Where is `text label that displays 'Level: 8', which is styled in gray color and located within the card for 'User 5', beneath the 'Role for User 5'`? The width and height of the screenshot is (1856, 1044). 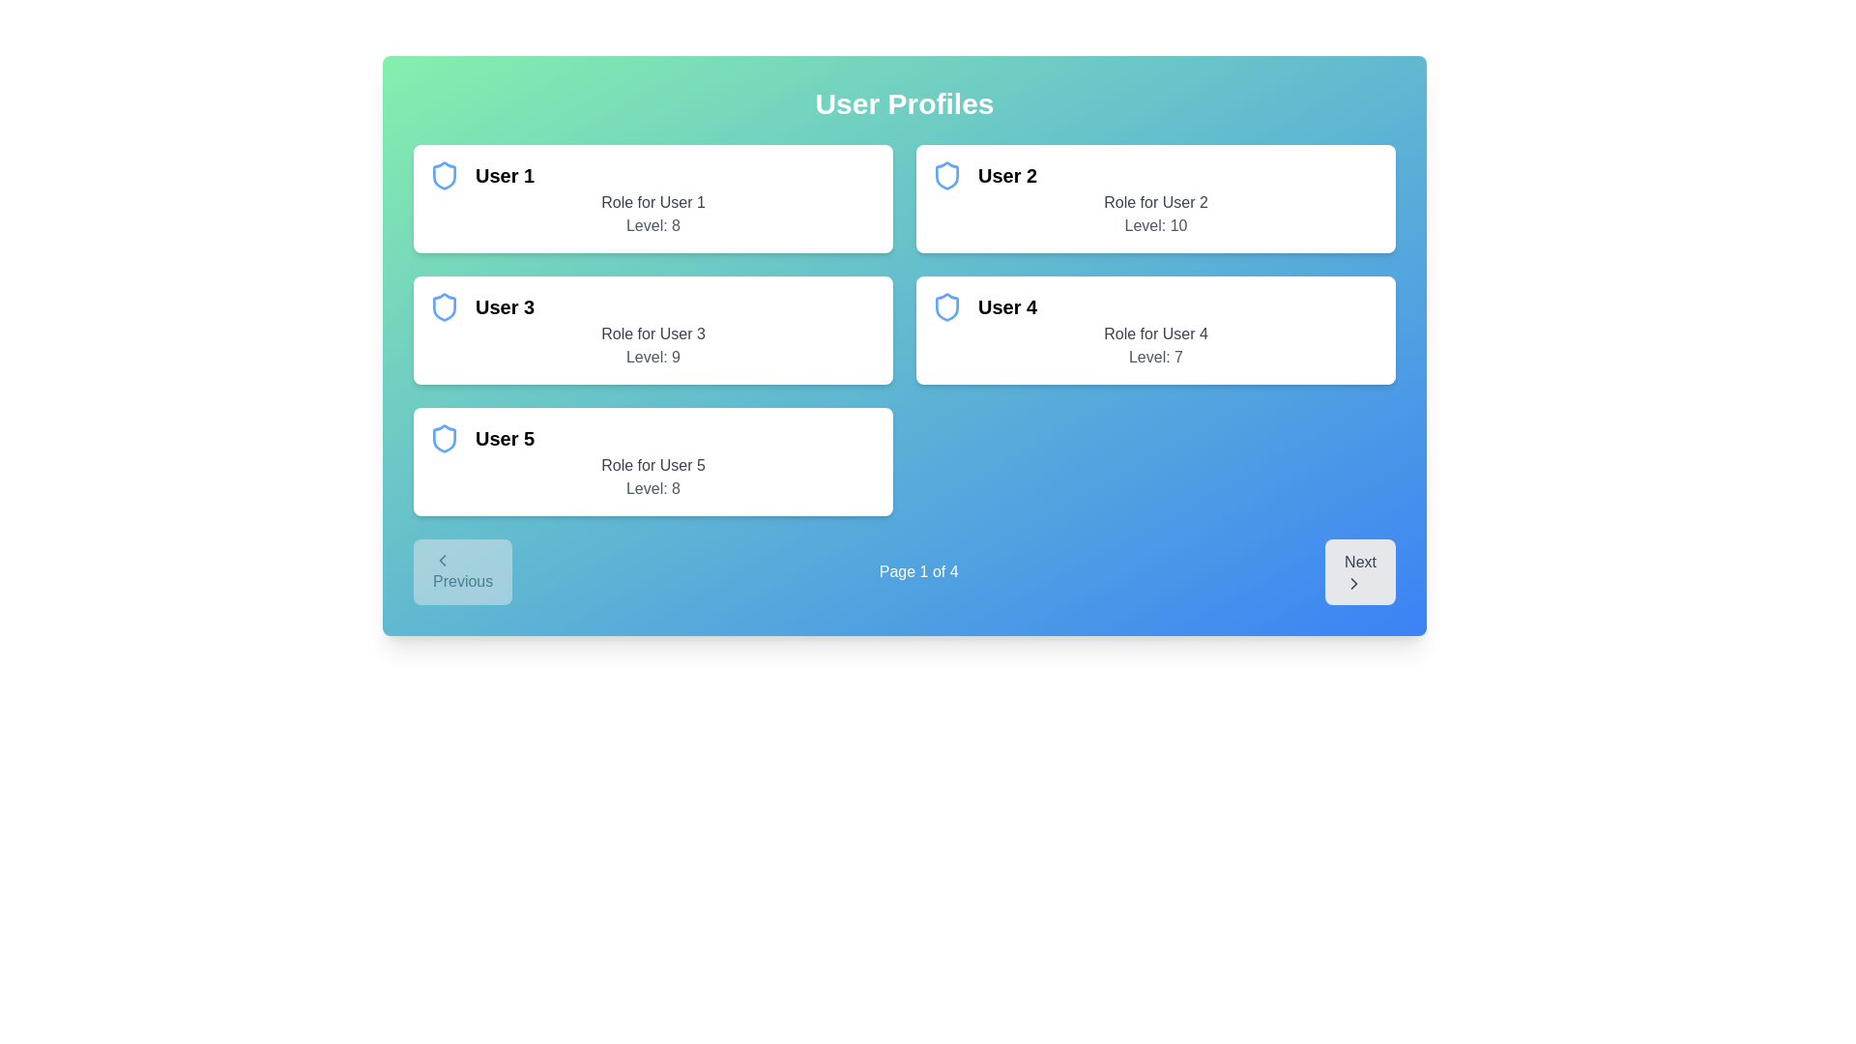
text label that displays 'Level: 8', which is styled in gray color and located within the card for 'User 5', beneath the 'Role for User 5' is located at coordinates (653, 487).